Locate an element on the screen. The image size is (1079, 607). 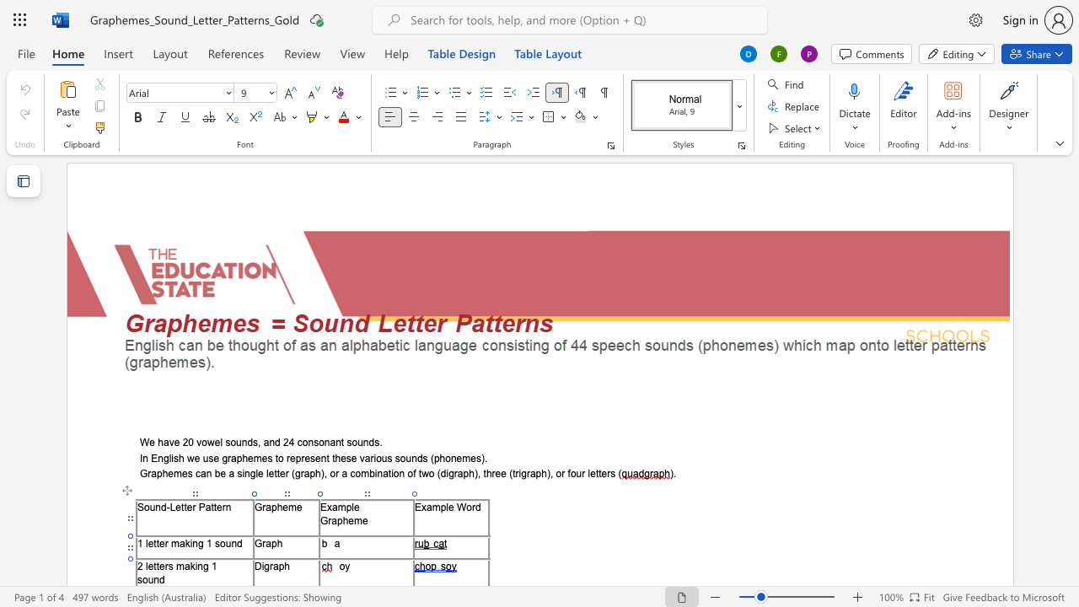
the 1th character "a" in the text is located at coordinates (276, 566).